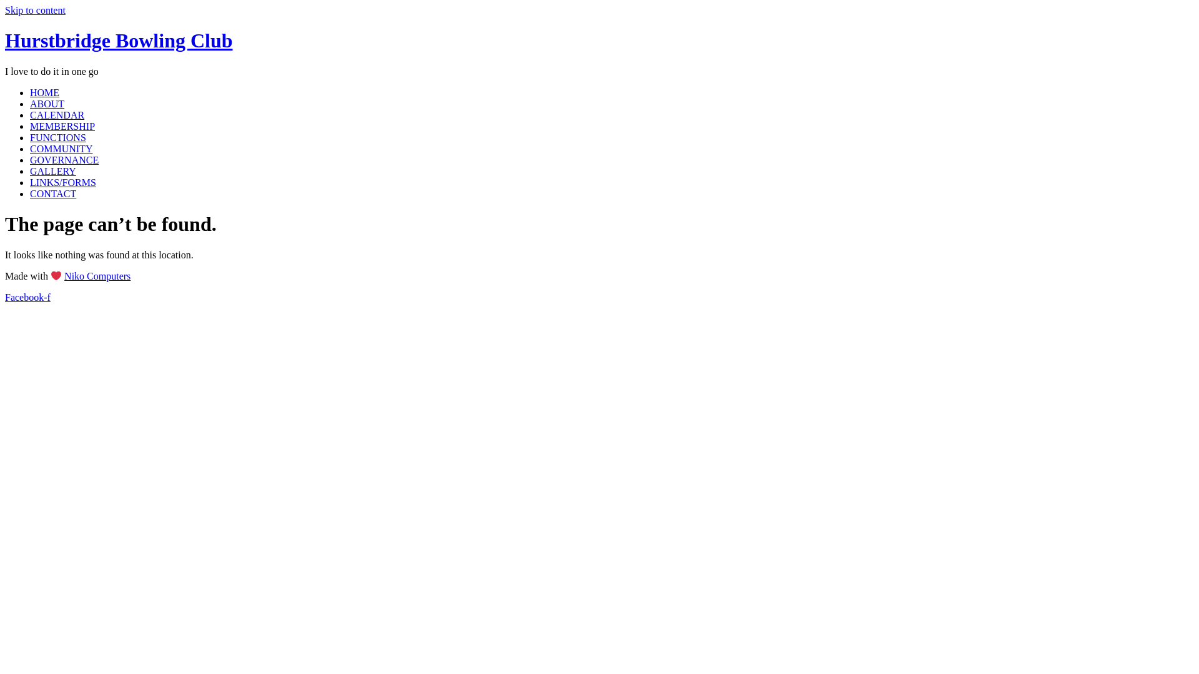 The width and height of the screenshot is (1199, 674). Describe the element at coordinates (97, 275) in the screenshot. I see `'Niko Computers'` at that location.